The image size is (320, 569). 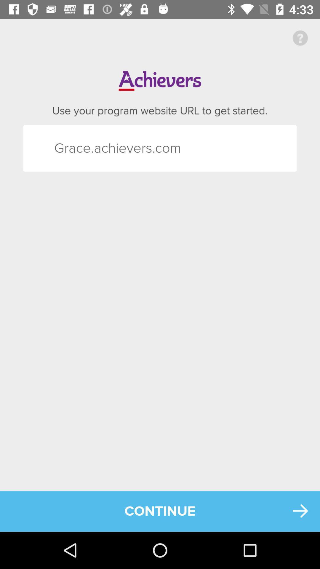 I want to click on the icon next to .achievers.com icon, so click(x=65, y=148).